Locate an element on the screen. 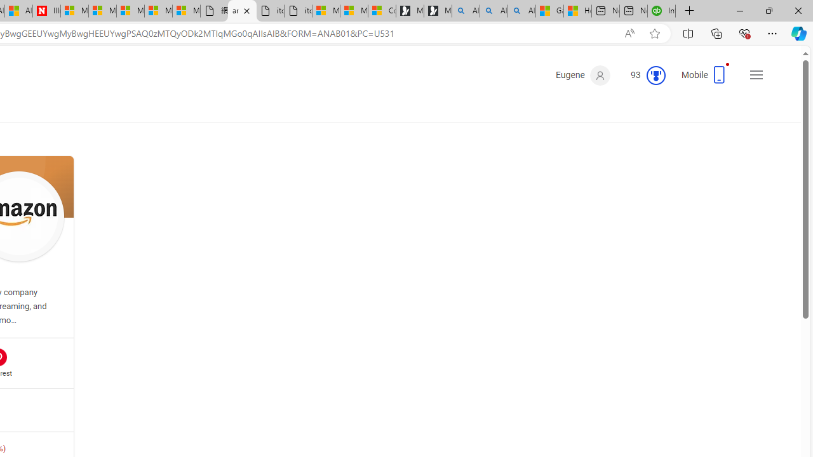  'itconcepthk.com/projector_solutions.mp4' is located at coordinates (297, 11).